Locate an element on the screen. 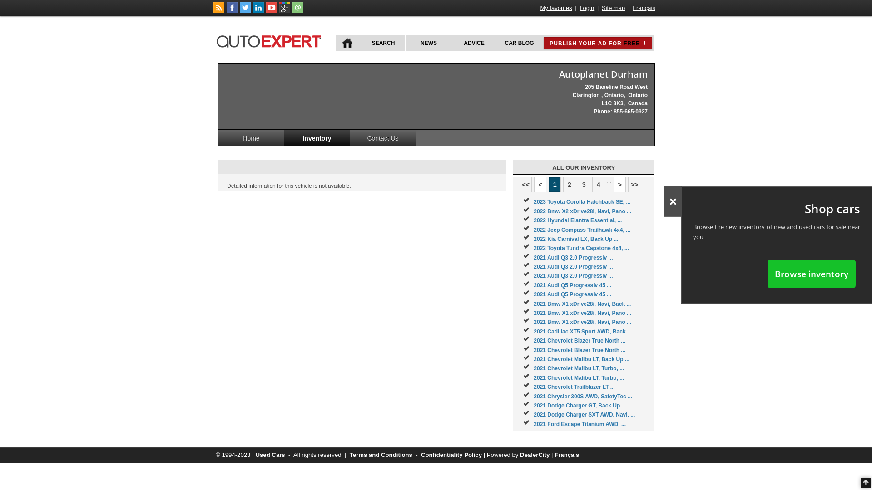 This screenshot has width=872, height=490. 'PUBLISH YOUR AD FOR FREE  !' is located at coordinates (597, 43).